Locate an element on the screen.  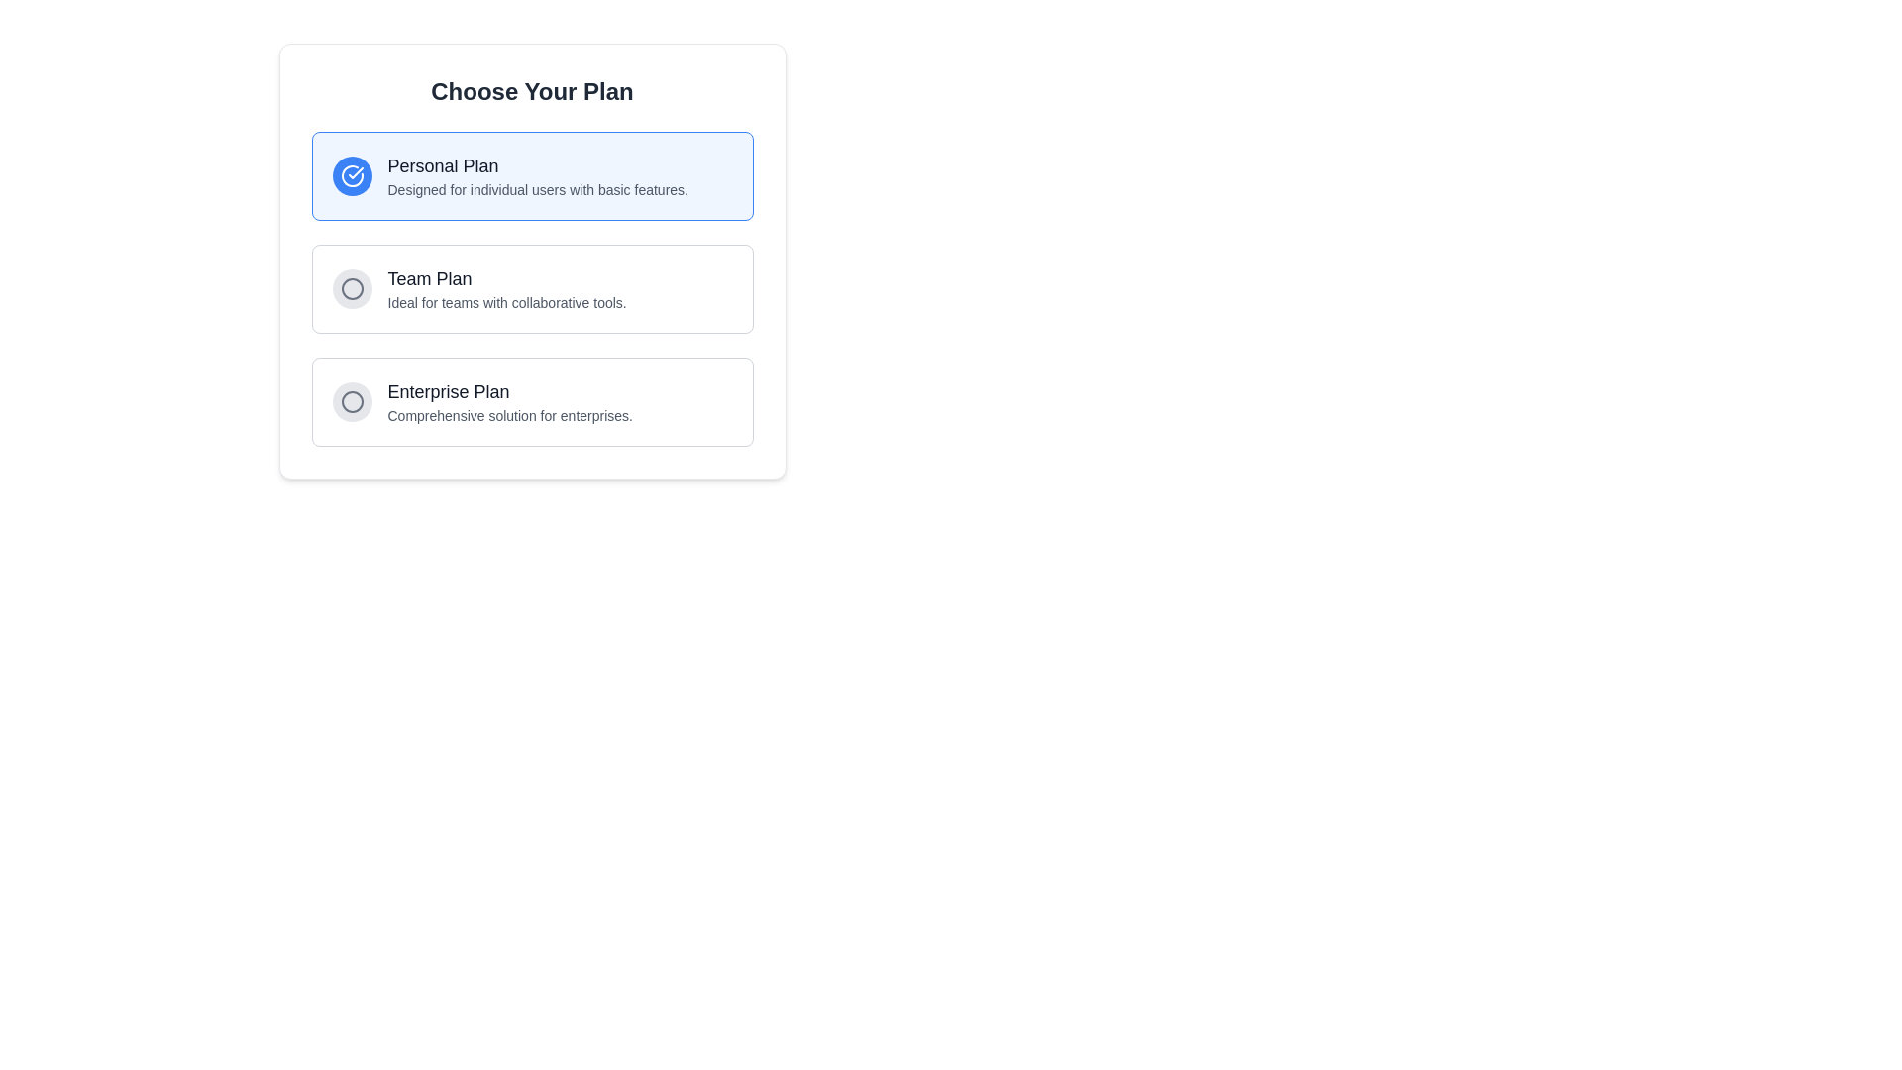
the 'Personal Plan' text label is located at coordinates (538, 174).